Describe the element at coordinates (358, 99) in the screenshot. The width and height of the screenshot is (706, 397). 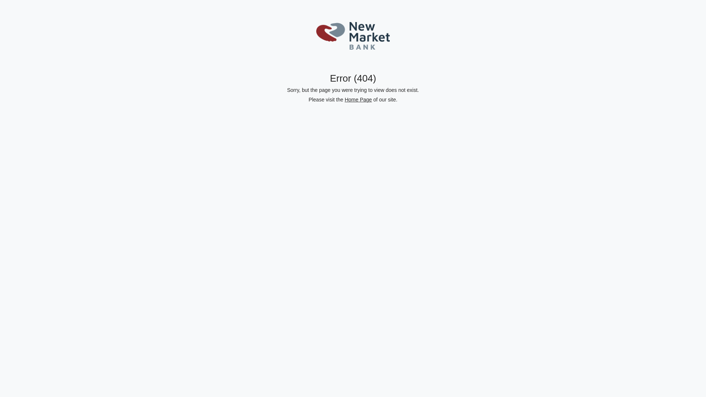
I see `'Home Page'` at that location.